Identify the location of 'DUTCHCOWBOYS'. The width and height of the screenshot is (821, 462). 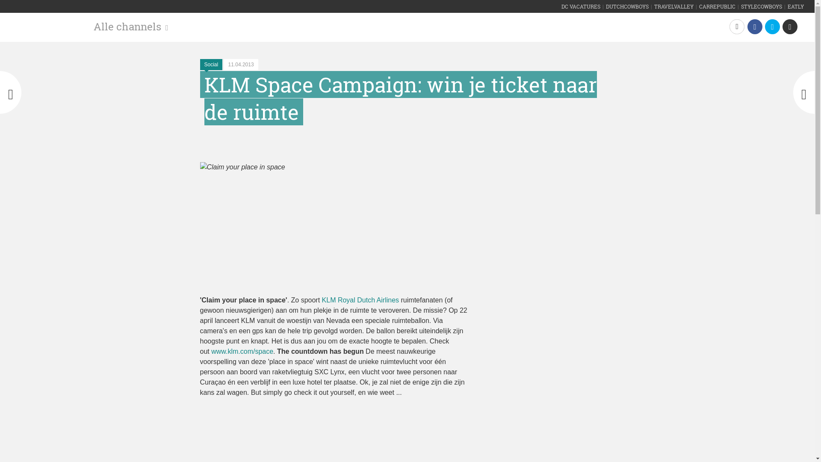
(627, 6).